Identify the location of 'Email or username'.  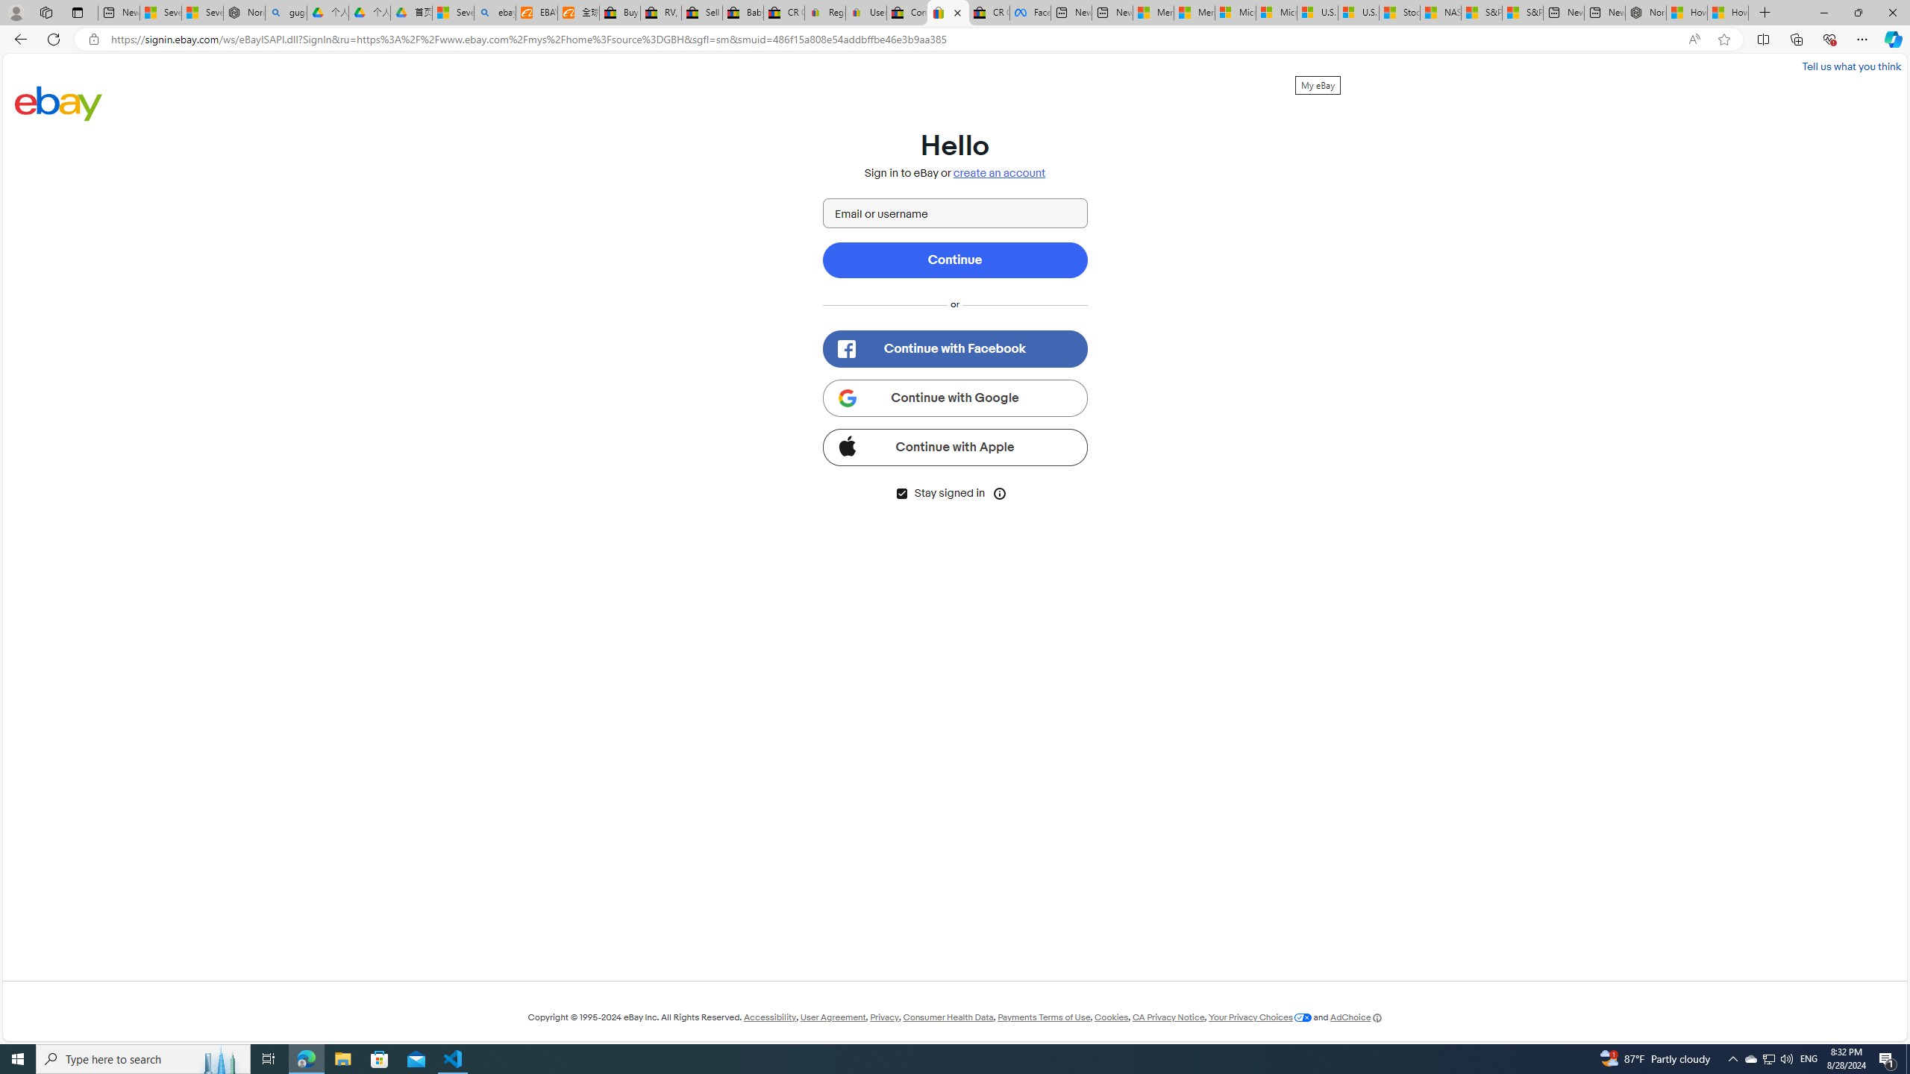
(955, 212).